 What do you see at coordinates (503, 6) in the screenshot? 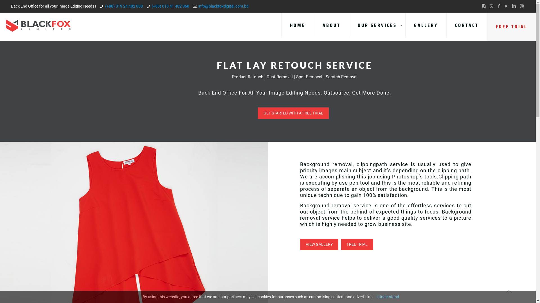
I see `'YouTube'` at bounding box center [503, 6].